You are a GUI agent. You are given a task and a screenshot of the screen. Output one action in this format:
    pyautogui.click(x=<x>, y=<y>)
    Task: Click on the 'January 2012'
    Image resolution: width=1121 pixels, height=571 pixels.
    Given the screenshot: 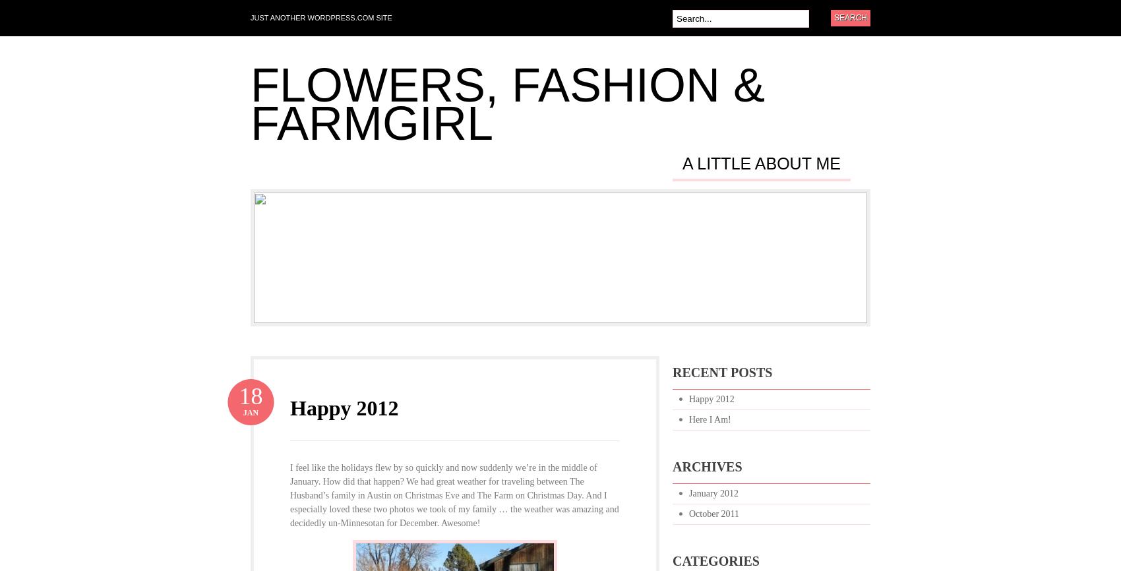 What is the action you would take?
    pyautogui.click(x=713, y=493)
    